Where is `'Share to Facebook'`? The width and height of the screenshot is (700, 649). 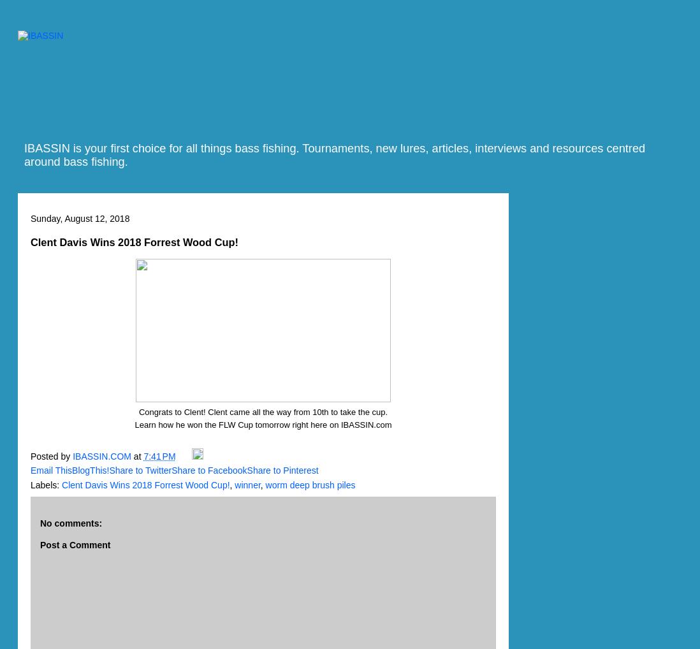
'Share to Facebook' is located at coordinates (208, 470).